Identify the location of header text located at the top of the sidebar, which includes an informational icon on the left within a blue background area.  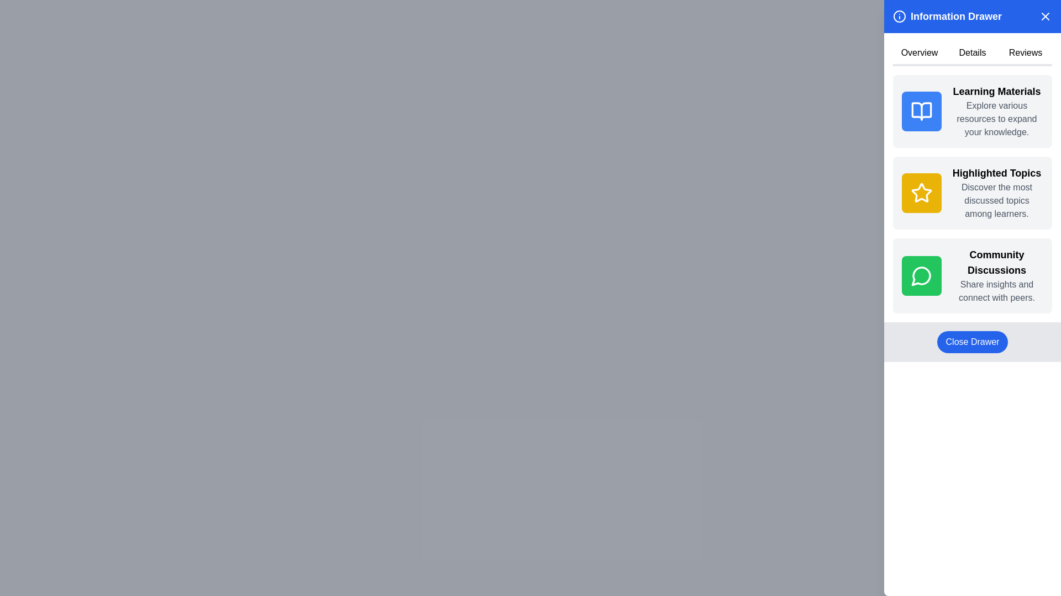
(947, 17).